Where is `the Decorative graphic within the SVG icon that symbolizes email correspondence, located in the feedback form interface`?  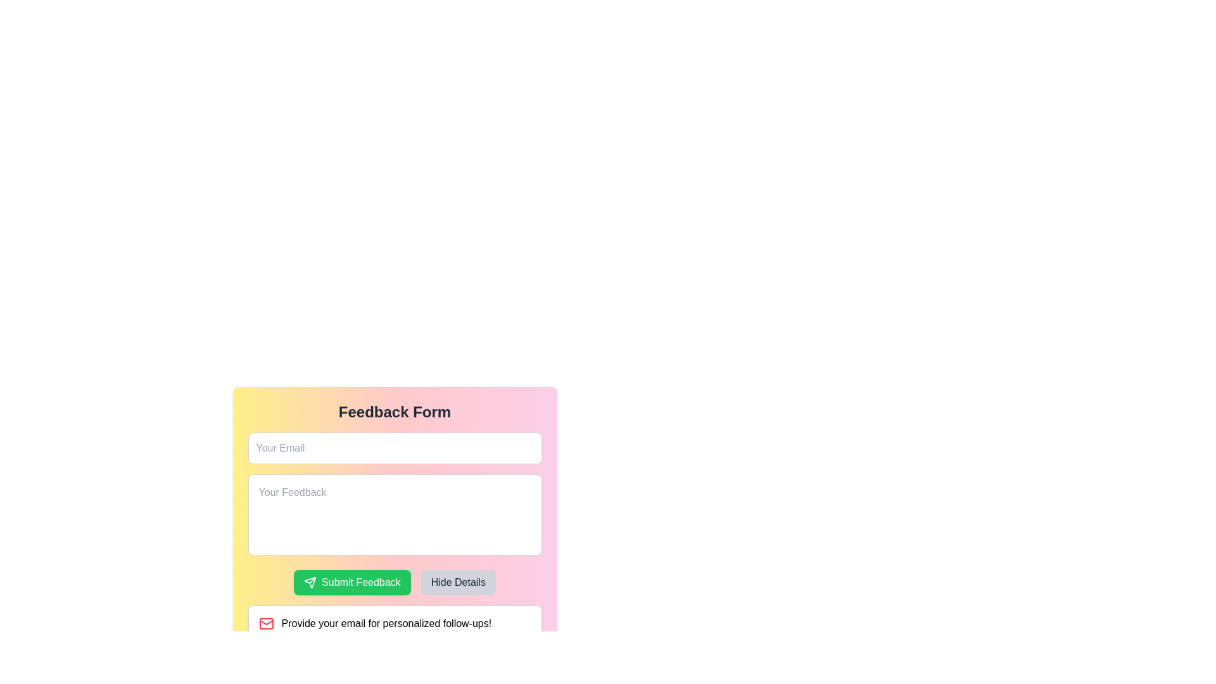
the Decorative graphic within the SVG icon that symbolizes email correspondence, located in the feedback form interface is located at coordinates (265, 622).